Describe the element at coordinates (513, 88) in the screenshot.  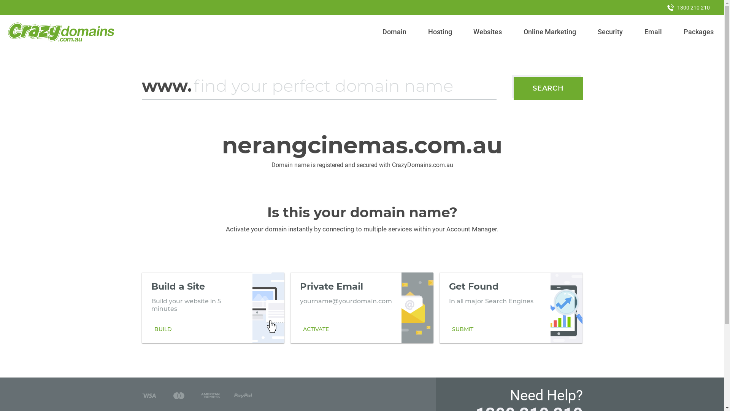
I see `'SEARCH'` at that location.